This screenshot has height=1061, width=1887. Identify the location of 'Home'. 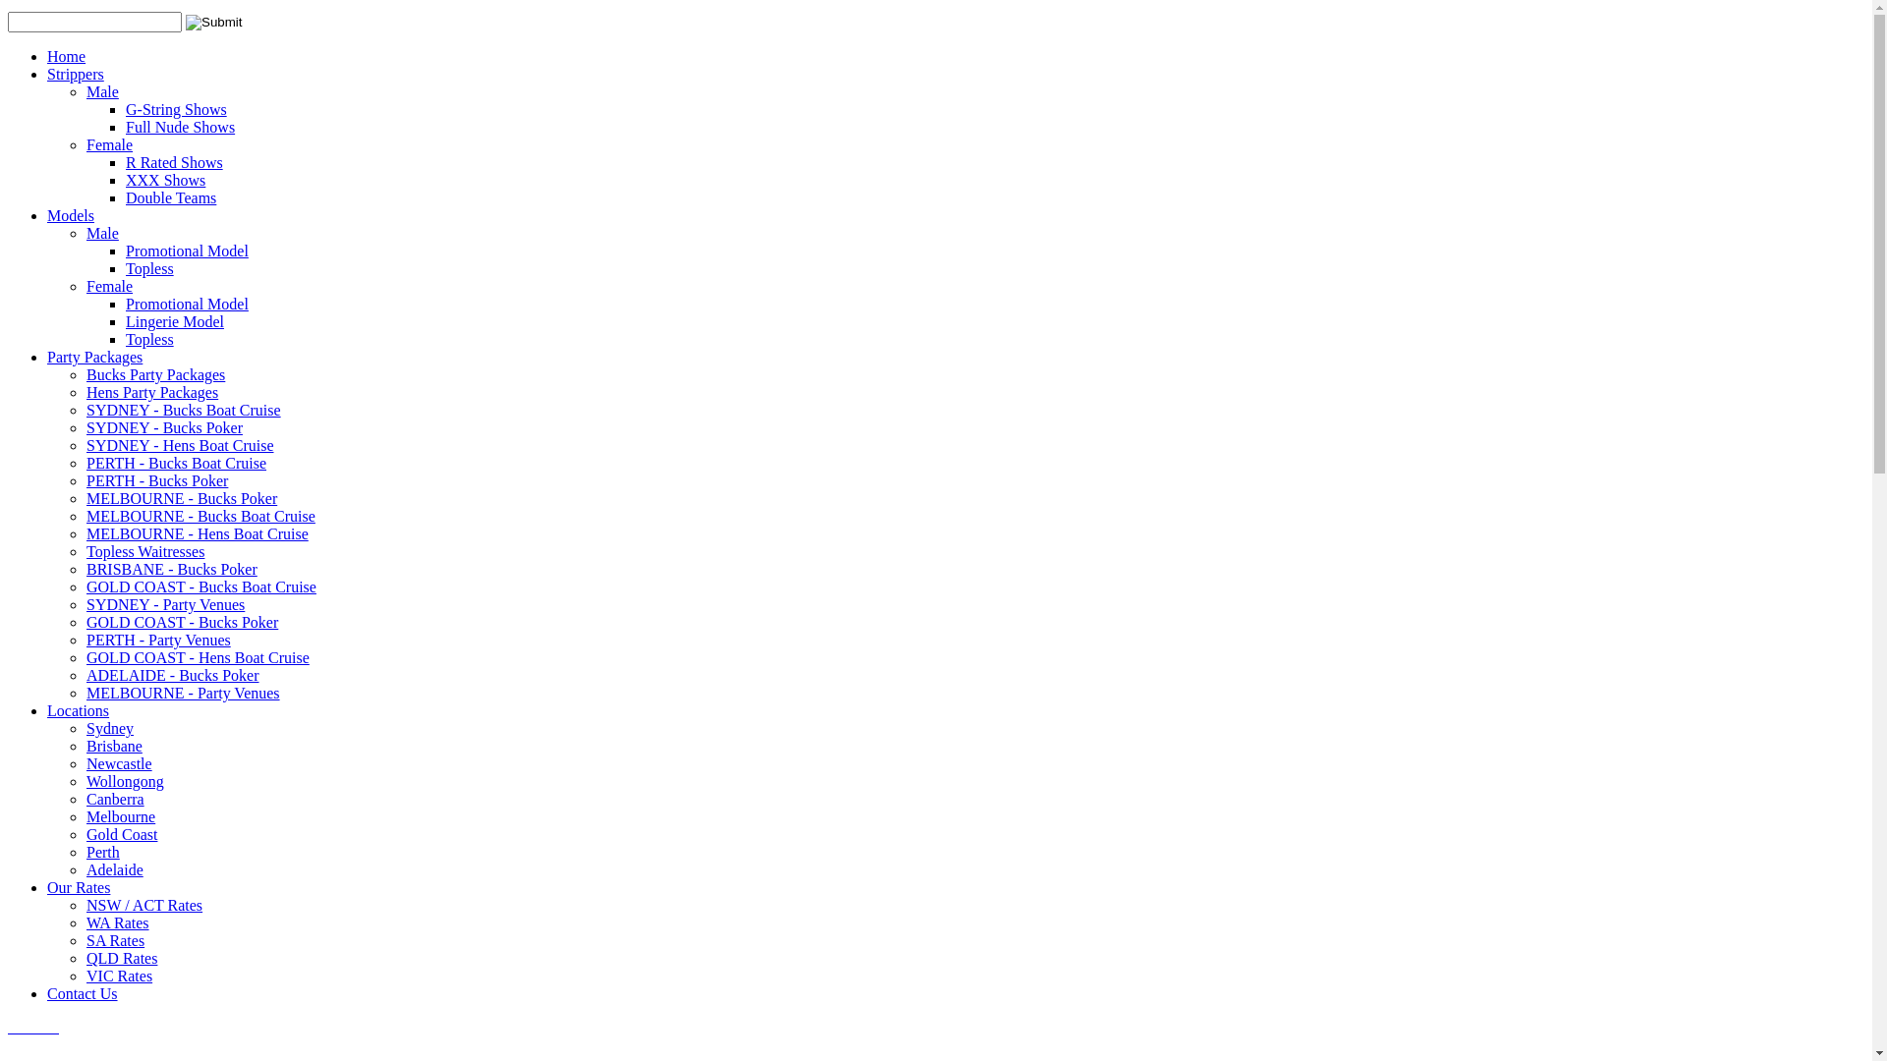
(66, 55).